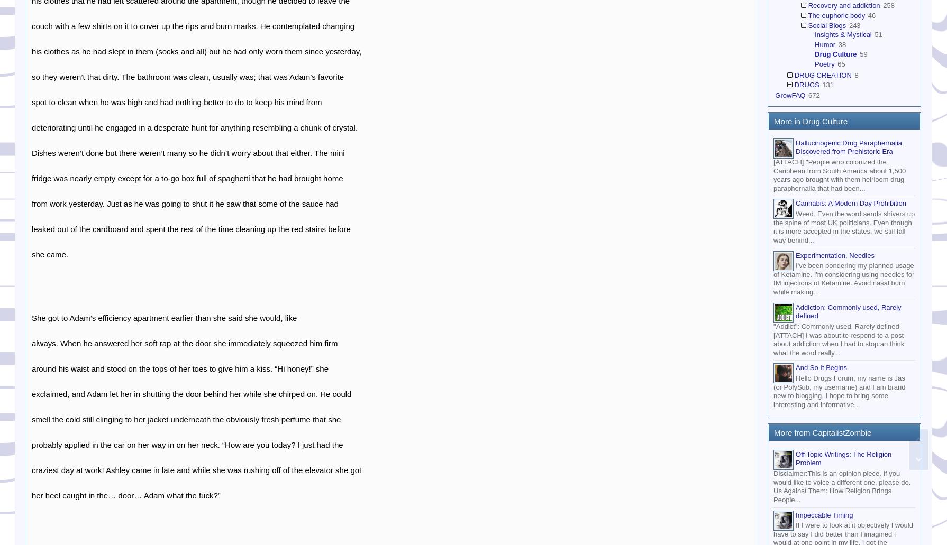 The height and width of the screenshot is (545, 947). What do you see at coordinates (31, 51) in the screenshot?
I see `'his clothes as he had slept in them (socks and all) but he had only worn them since yesterday,'` at bounding box center [31, 51].